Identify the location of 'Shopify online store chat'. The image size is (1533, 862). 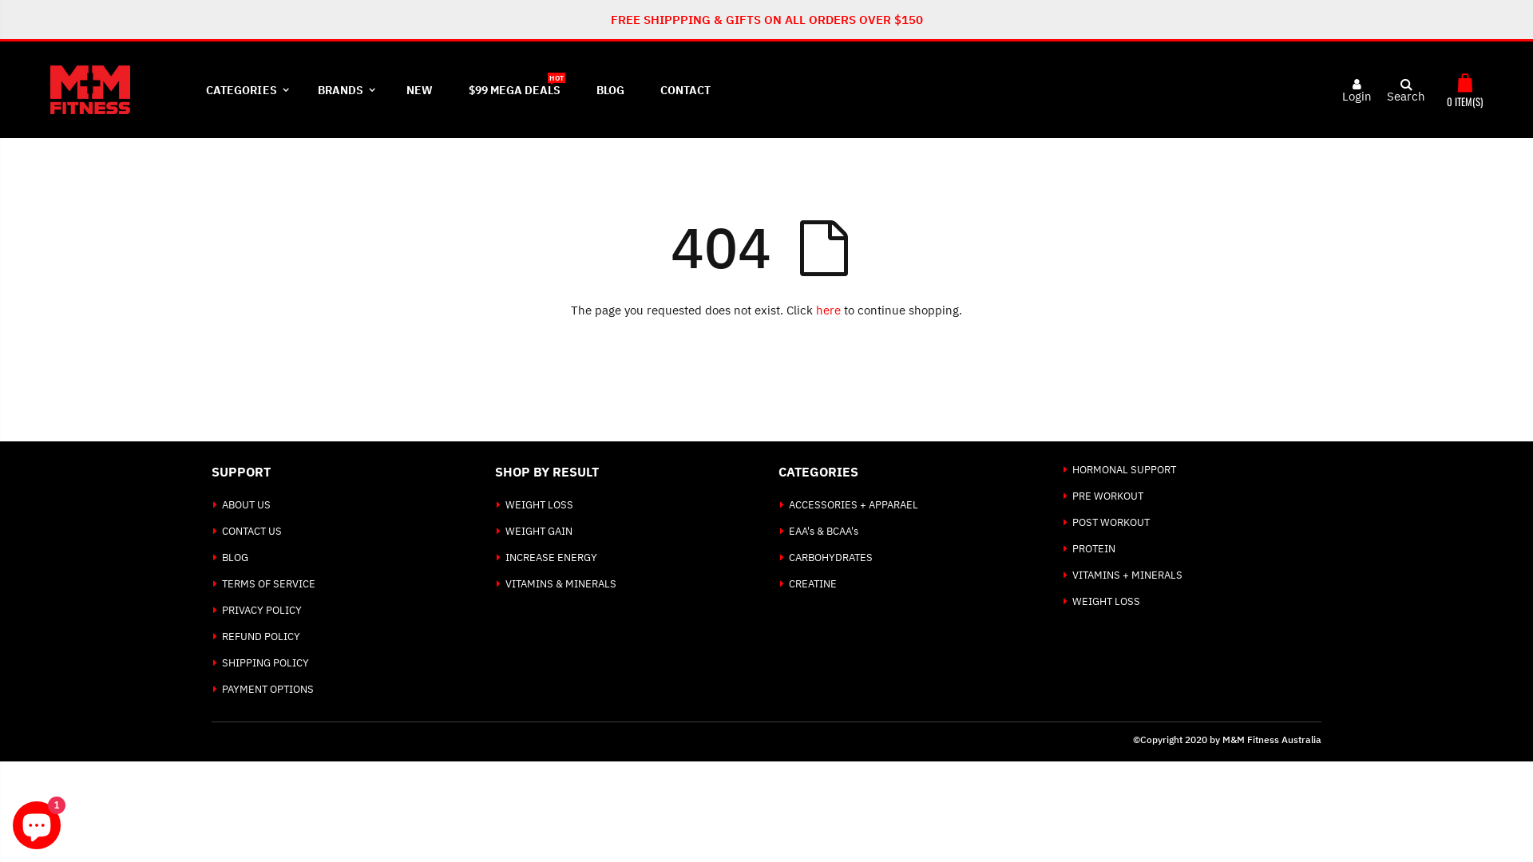
(37, 821).